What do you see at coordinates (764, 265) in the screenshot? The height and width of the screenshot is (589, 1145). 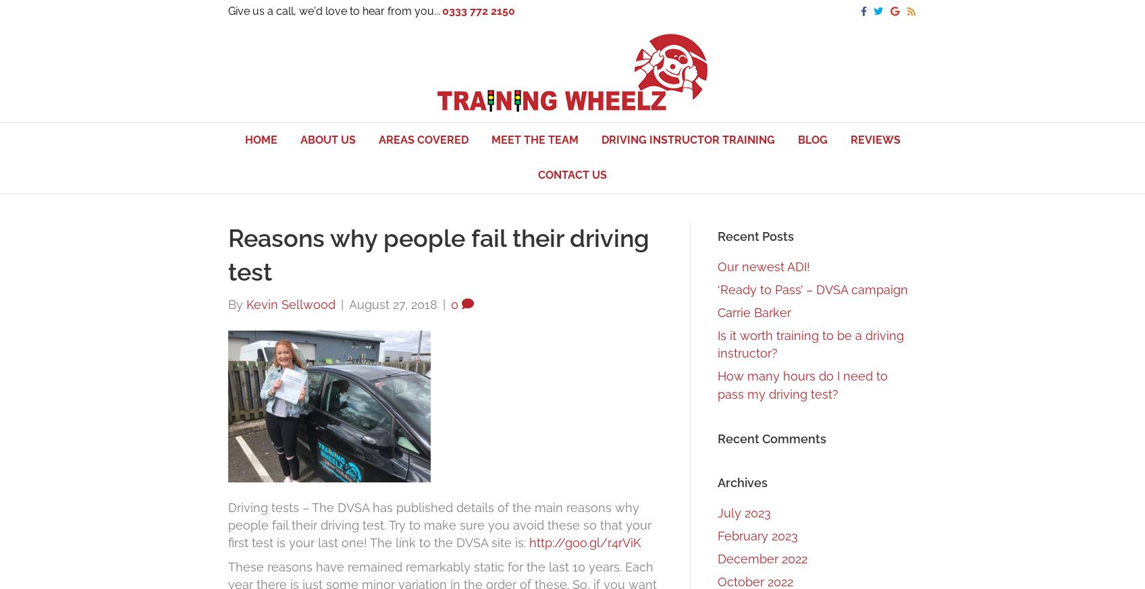 I see `'Our newest ADI!'` at bounding box center [764, 265].